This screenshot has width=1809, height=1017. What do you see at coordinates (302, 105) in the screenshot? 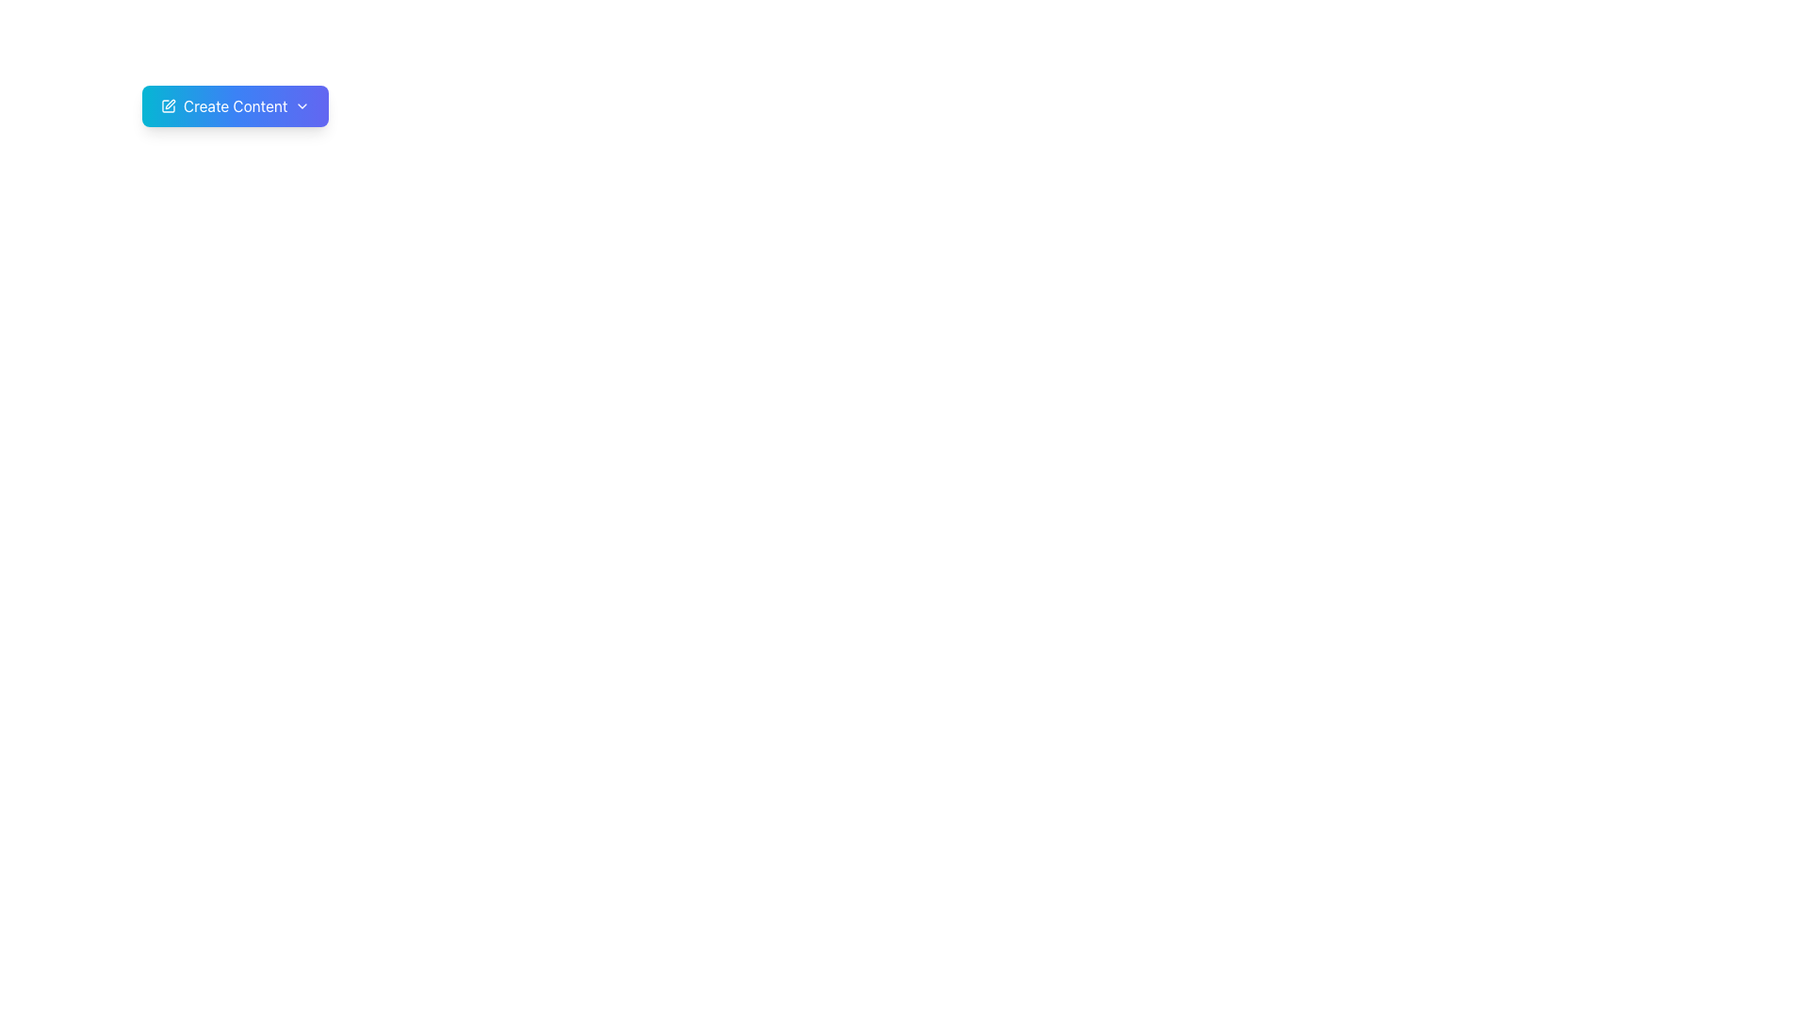
I see `the downward-pointing chevron icon located inside the 'Create Content' button` at bounding box center [302, 105].